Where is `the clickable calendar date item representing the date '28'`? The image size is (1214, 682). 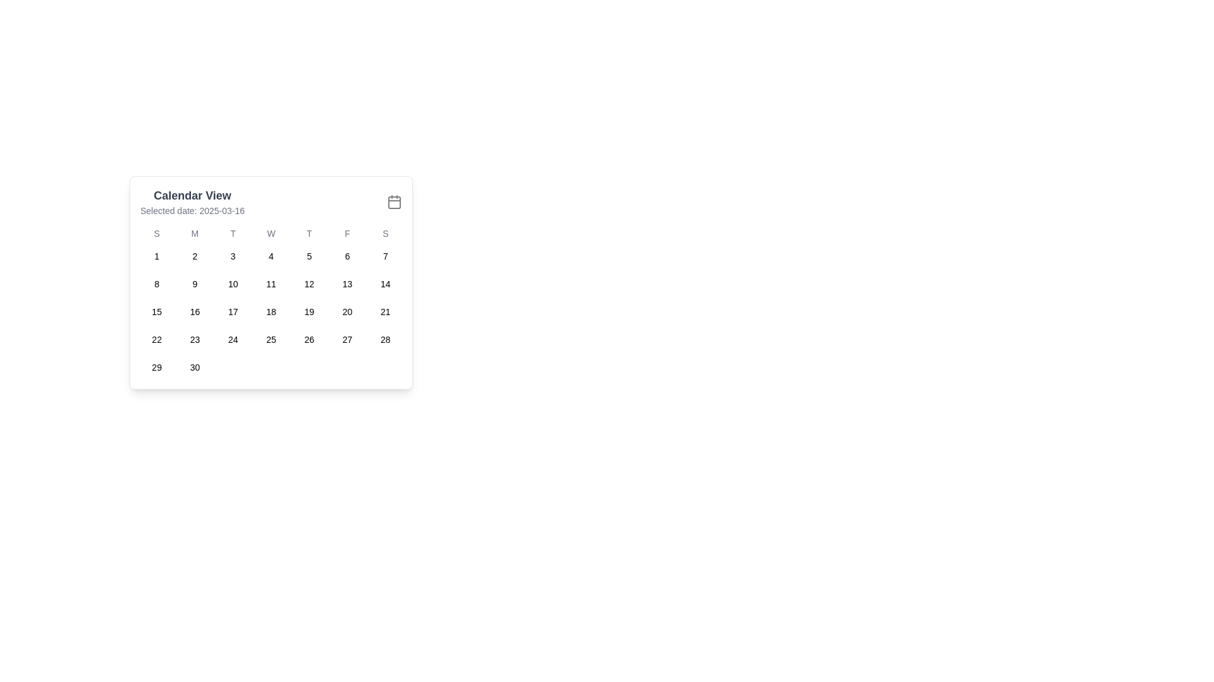
the clickable calendar date item representing the date '28' is located at coordinates (384, 338).